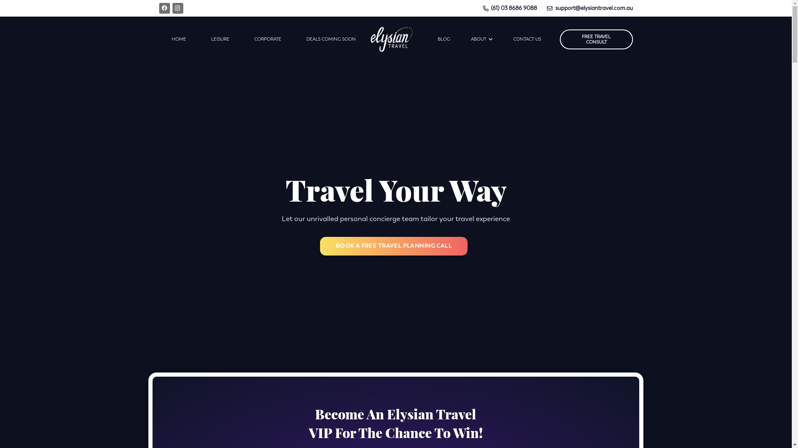 The width and height of the screenshot is (798, 448). I want to click on 'LEISURE', so click(220, 39).